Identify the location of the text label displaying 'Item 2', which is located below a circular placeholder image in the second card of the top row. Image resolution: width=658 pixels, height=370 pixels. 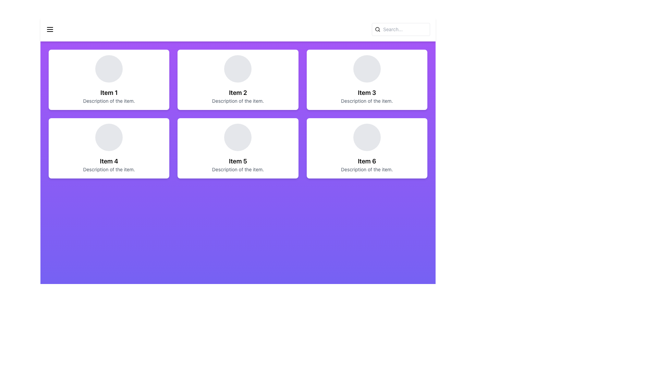
(238, 92).